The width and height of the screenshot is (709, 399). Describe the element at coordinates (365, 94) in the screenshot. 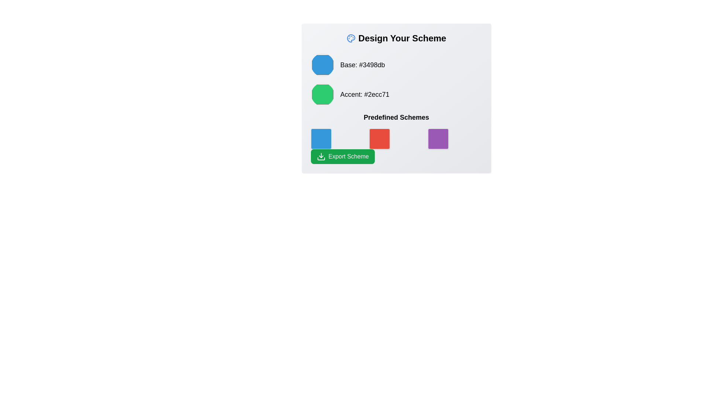

I see `text content of the label that describes the color represented by the adjacent green circle, which specifies its purpose as 'Accent' and its hexadecimal color code` at that location.